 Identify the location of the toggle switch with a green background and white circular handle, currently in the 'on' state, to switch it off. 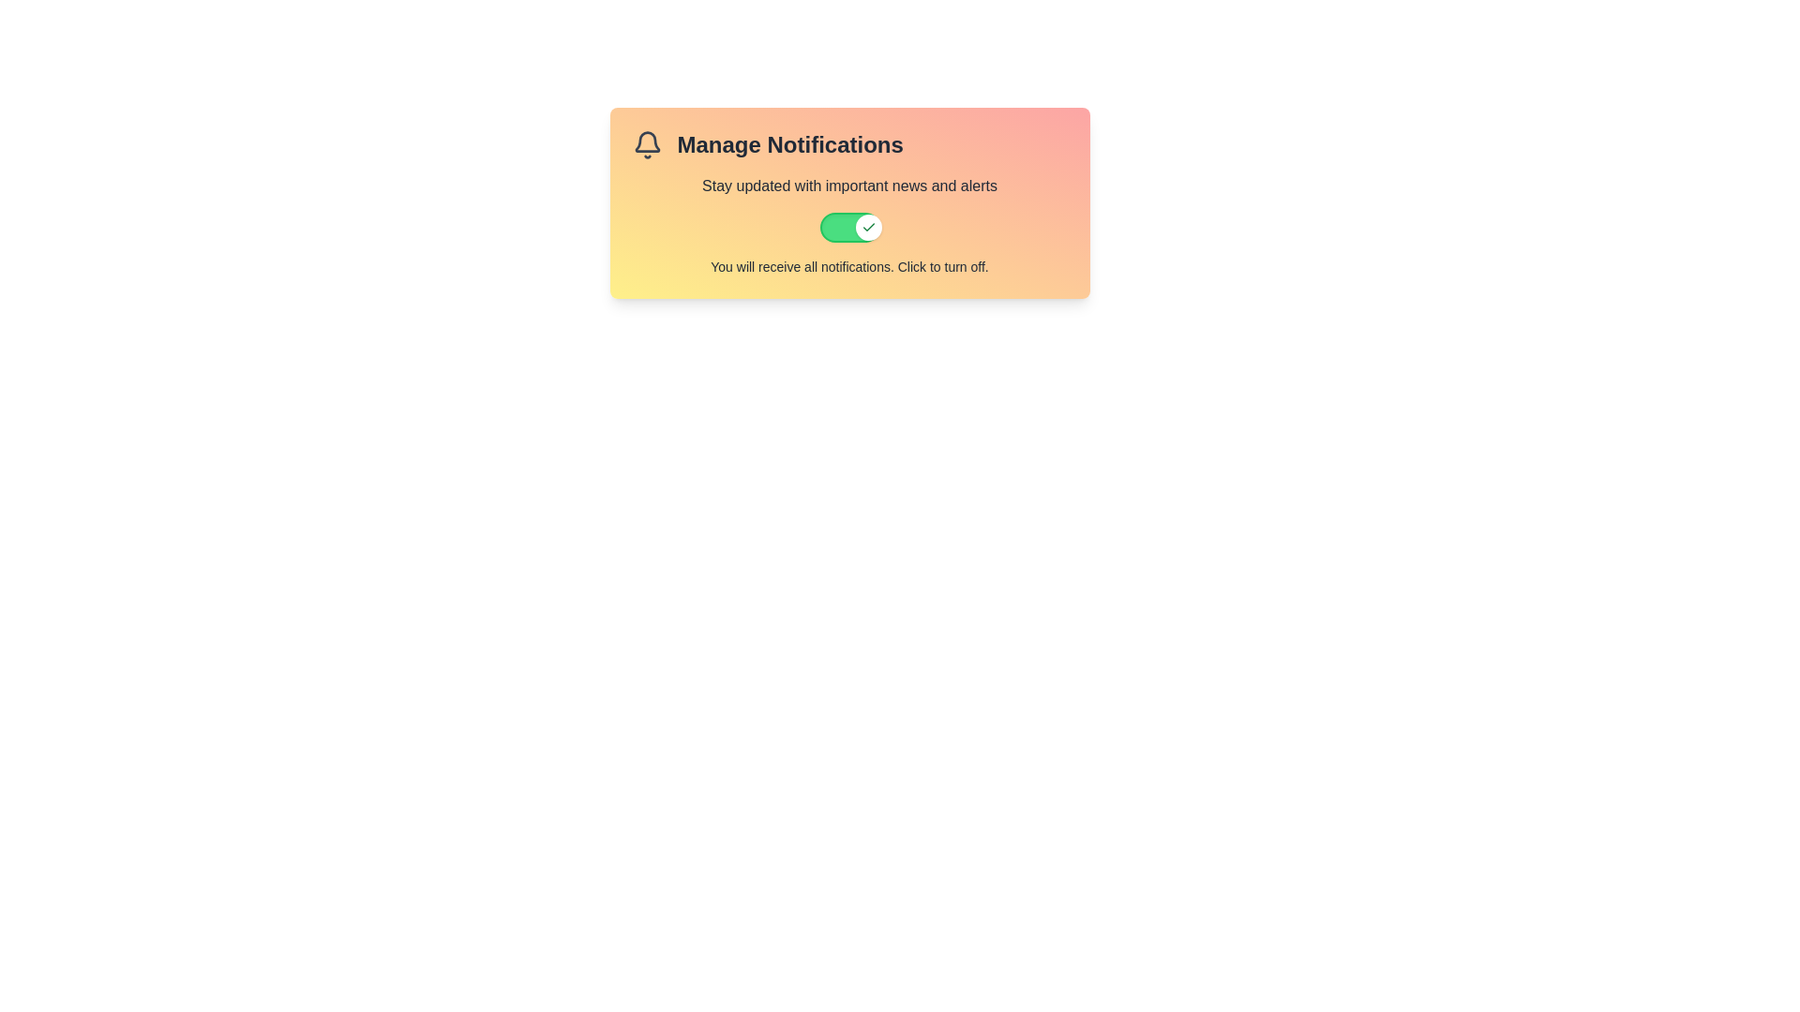
(848, 227).